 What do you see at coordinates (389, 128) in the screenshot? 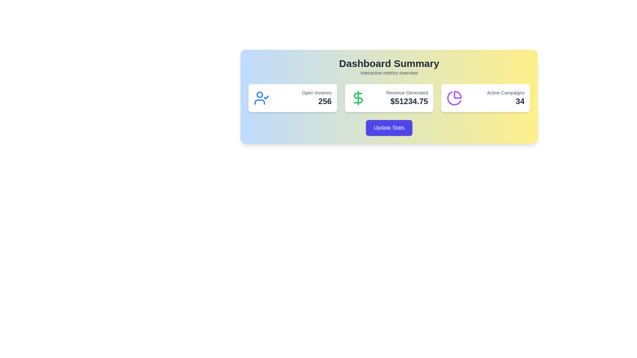
I see `the button that triggers the action of updating statistical data displayed in the interface to observe hover effects` at bounding box center [389, 128].